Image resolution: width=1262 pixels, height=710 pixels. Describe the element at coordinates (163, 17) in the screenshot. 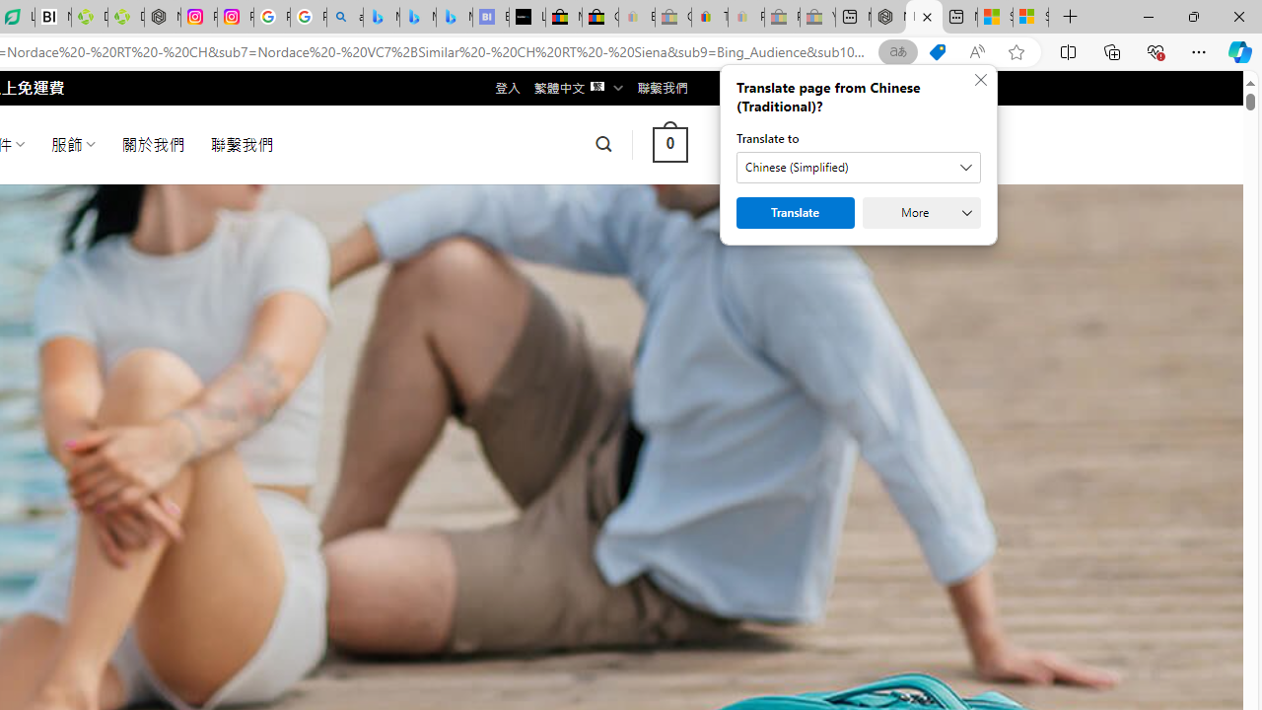

I see `'Nordace - Nordace Edin Collection'` at that location.